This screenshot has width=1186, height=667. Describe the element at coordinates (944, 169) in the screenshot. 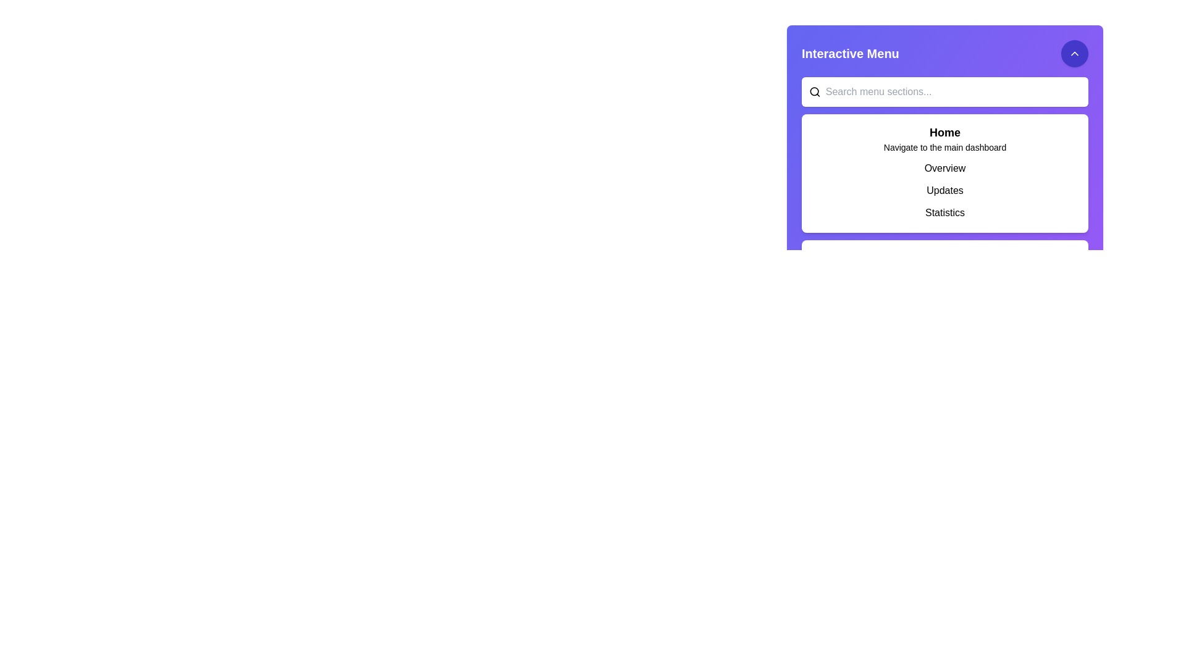

I see `the 'Overview' text item with button-like functionality` at that location.